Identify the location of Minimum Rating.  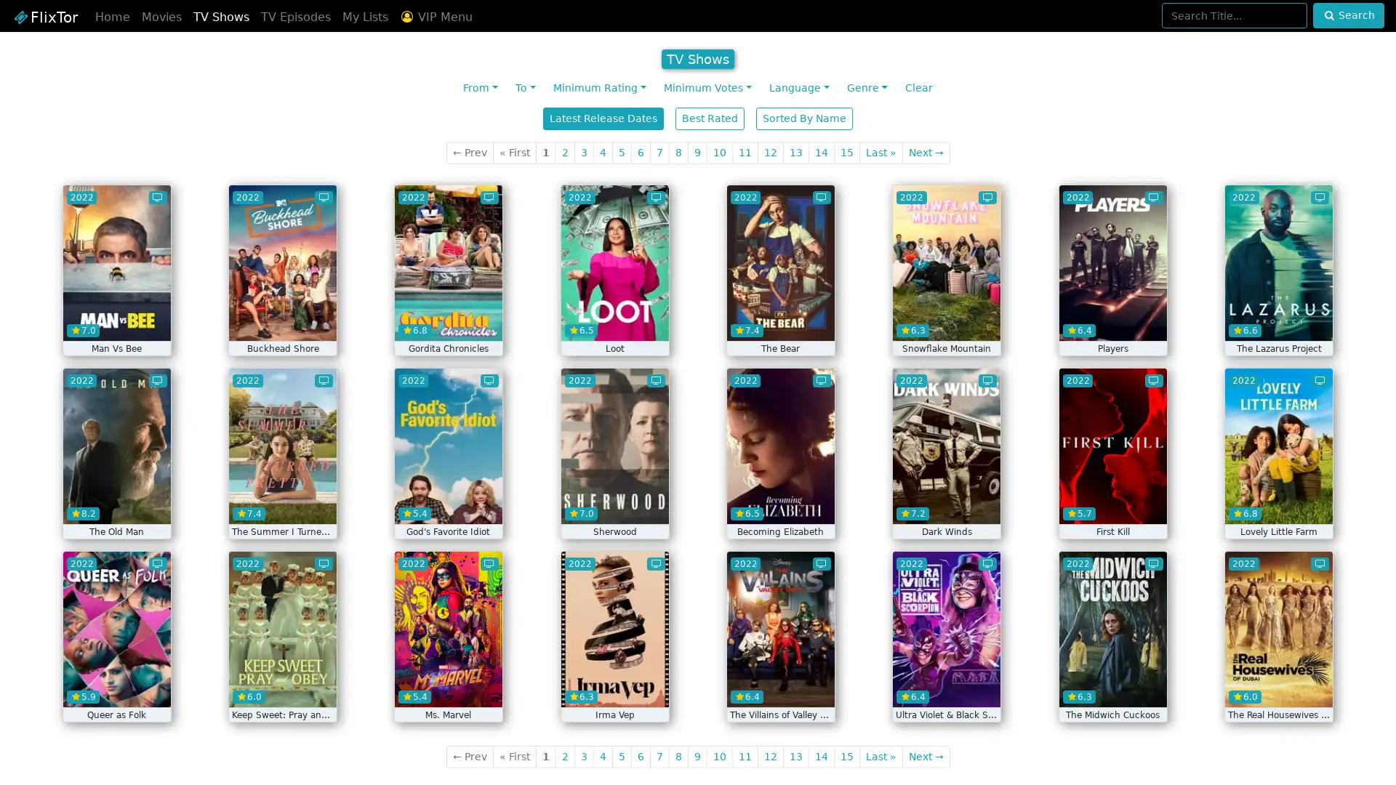
(600, 88).